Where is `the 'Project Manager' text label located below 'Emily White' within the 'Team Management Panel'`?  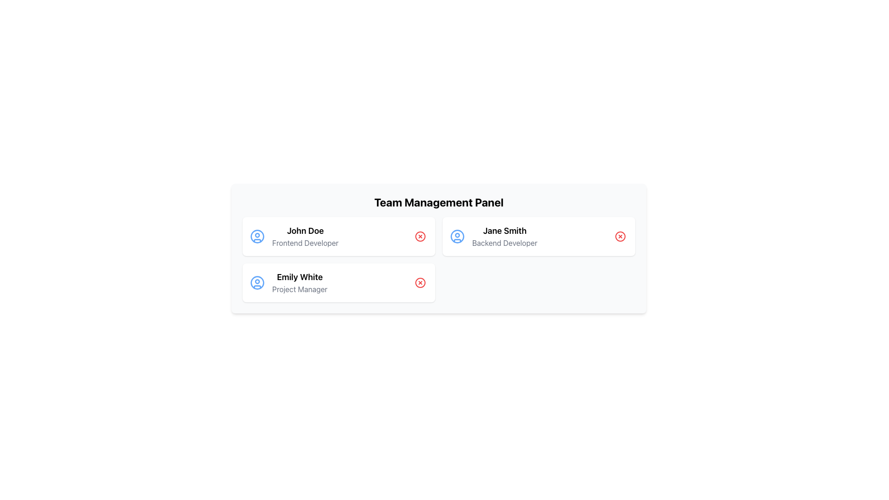
the 'Project Manager' text label located below 'Emily White' within the 'Team Management Panel' is located at coordinates (300, 288).